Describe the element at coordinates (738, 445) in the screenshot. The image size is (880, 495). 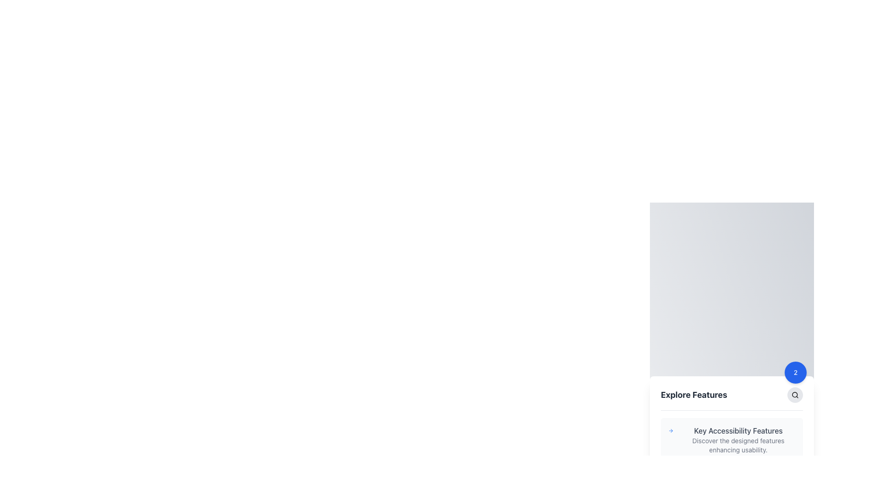
I see `descriptive text label located underneath the heading 'Key Accessibility Features' in the 'Explore Features' section` at that location.